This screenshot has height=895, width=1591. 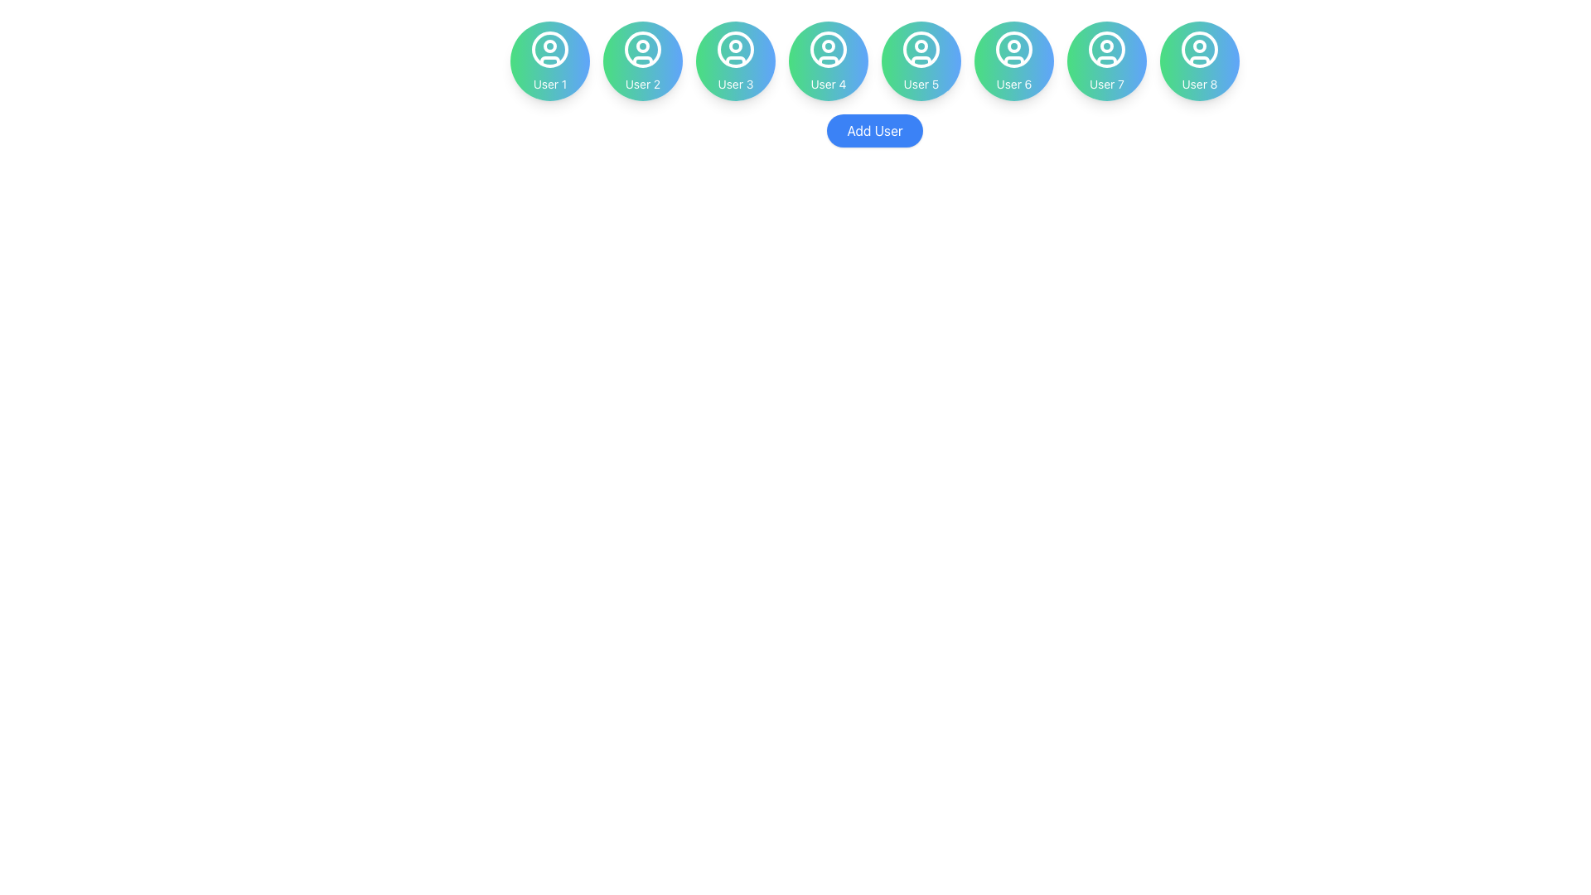 What do you see at coordinates (921, 46) in the screenshot?
I see `the small circle within the user profile icon for 'User 5', located at the top-center of the interface` at bounding box center [921, 46].